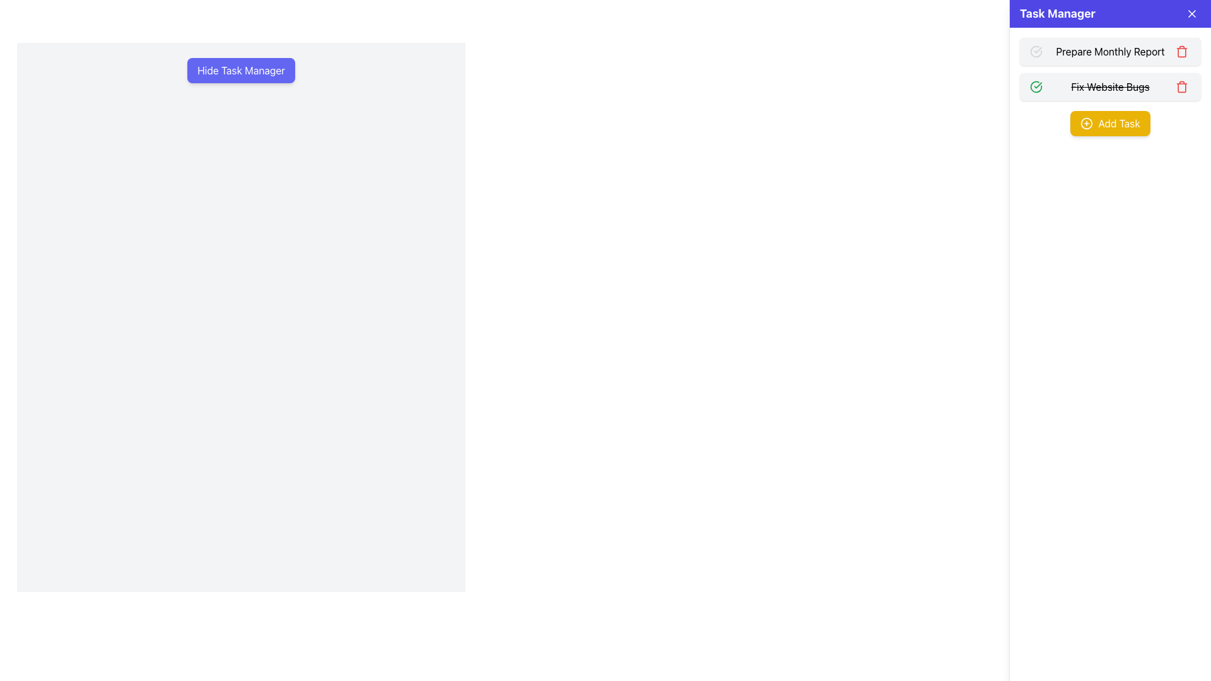 Image resolution: width=1211 pixels, height=681 pixels. I want to click on the 'X' icon button in the top-right corner of the 'Task Manager' panel, so click(1191, 14).